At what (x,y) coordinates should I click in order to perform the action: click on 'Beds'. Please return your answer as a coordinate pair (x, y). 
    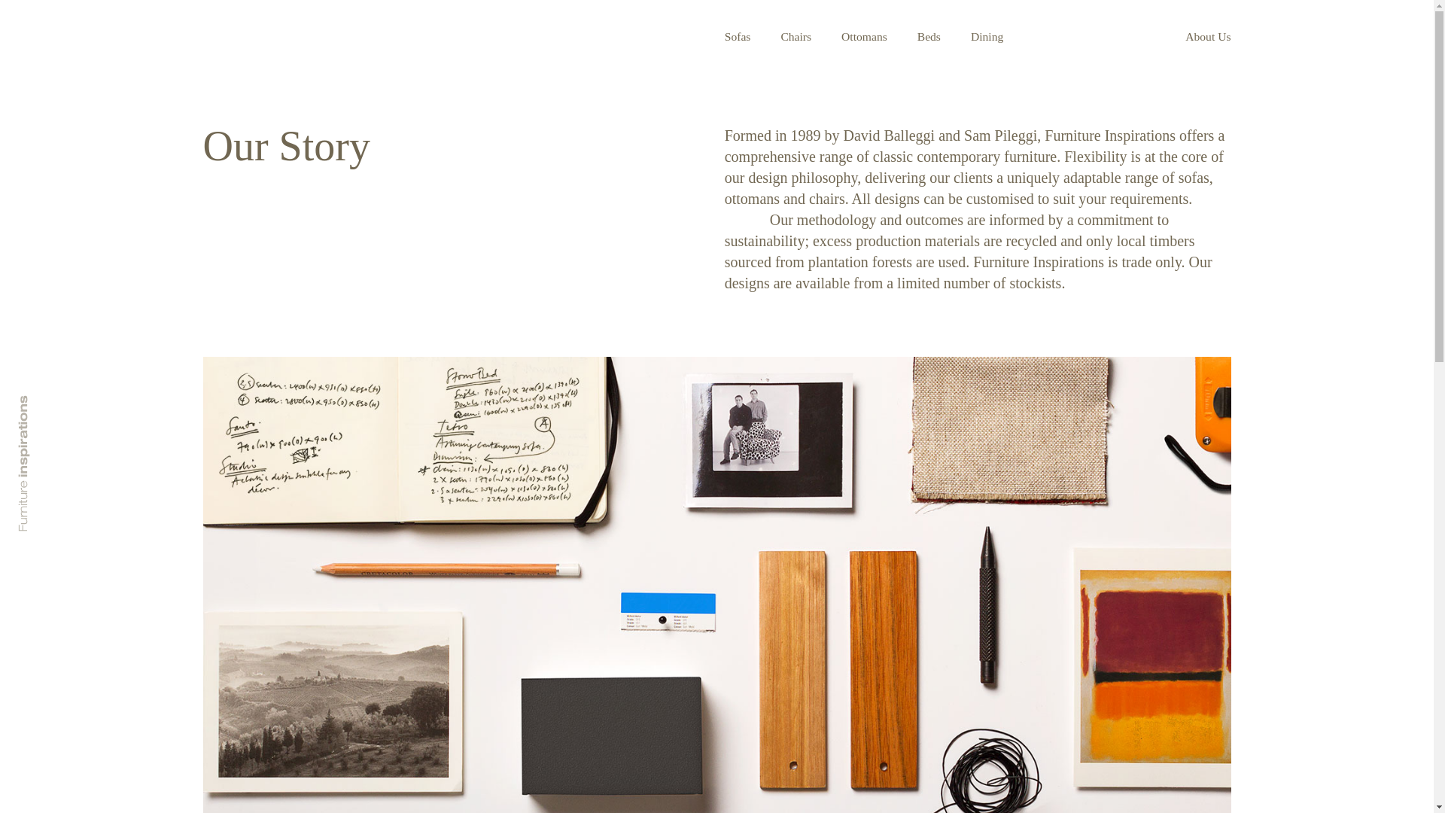
    Looking at the image, I should click on (928, 35).